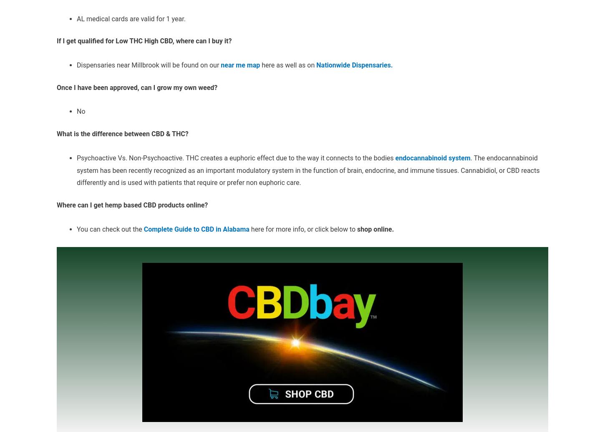  Describe the element at coordinates (197, 229) in the screenshot. I see `'Complete Guide to CBD in Alabama'` at that location.